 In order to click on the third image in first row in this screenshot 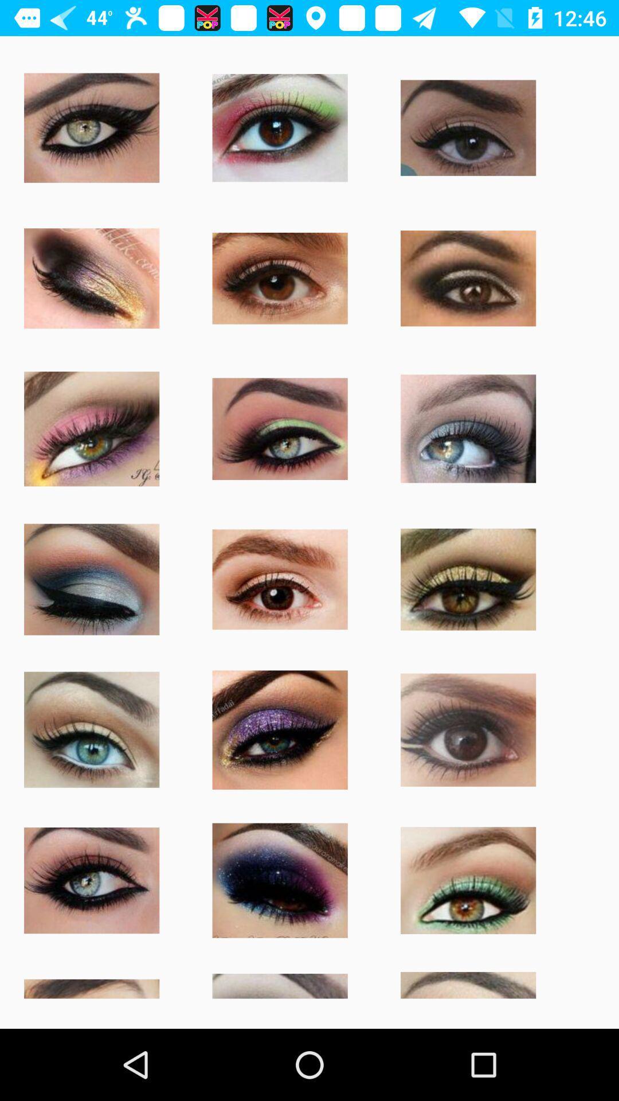, I will do `click(468, 127)`.